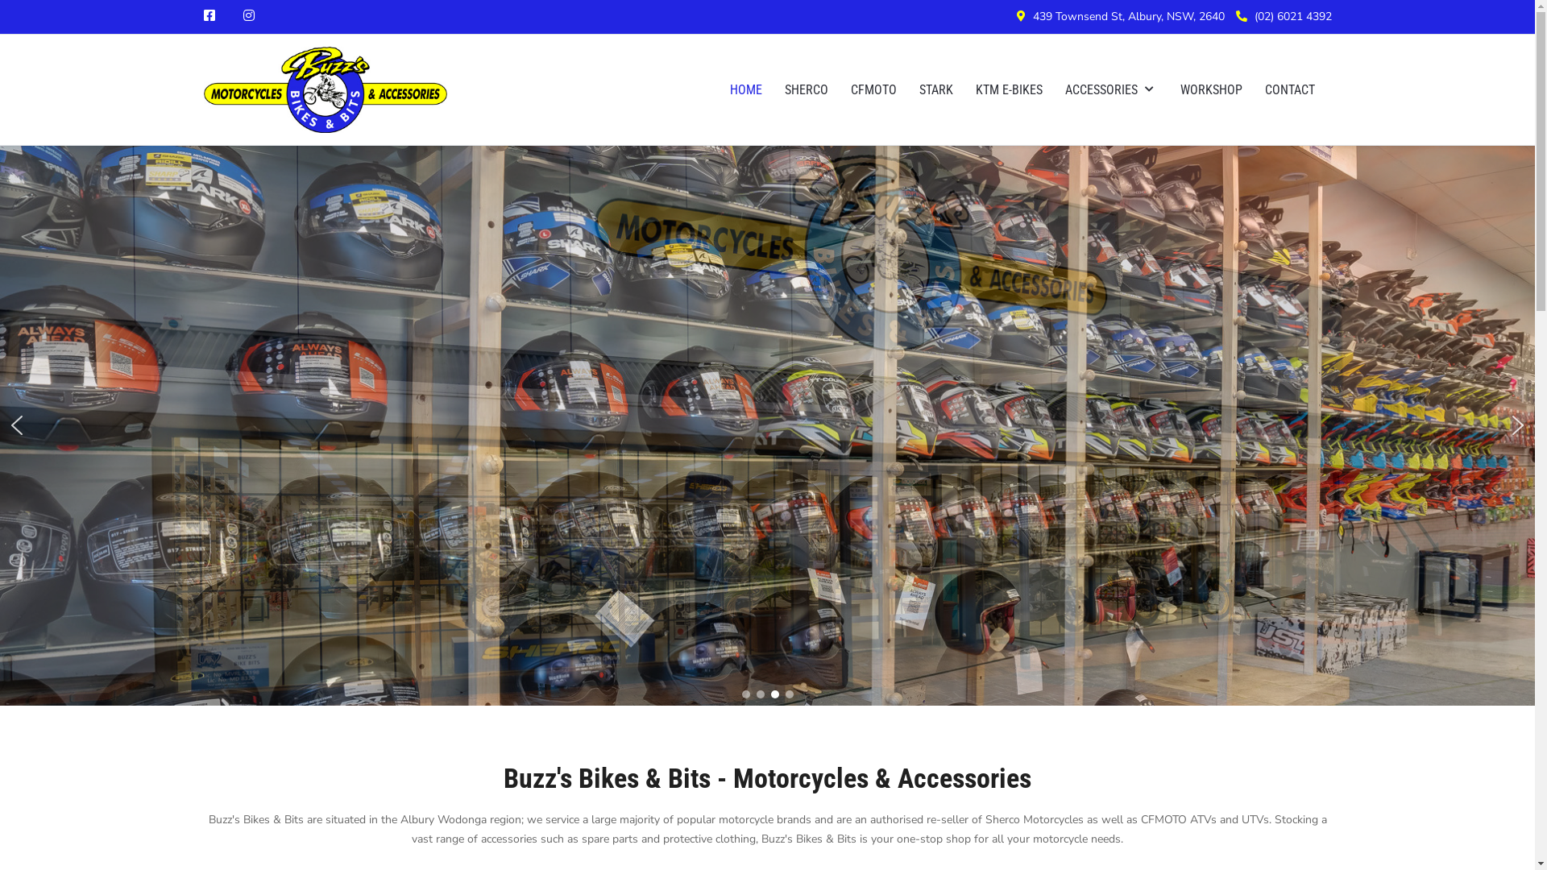  What do you see at coordinates (1110, 89) in the screenshot?
I see `'ACCESSORIES'` at bounding box center [1110, 89].